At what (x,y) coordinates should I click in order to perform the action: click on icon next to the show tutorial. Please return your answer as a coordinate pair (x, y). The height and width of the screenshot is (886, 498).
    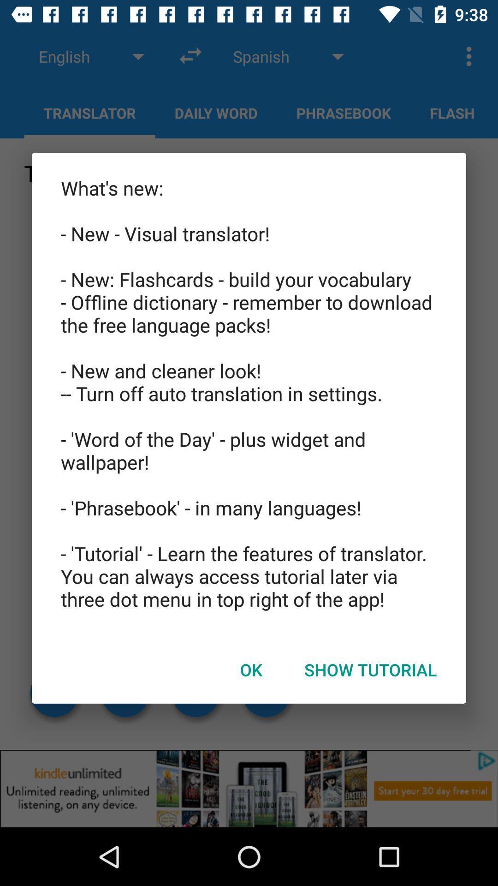
    Looking at the image, I should click on (251, 670).